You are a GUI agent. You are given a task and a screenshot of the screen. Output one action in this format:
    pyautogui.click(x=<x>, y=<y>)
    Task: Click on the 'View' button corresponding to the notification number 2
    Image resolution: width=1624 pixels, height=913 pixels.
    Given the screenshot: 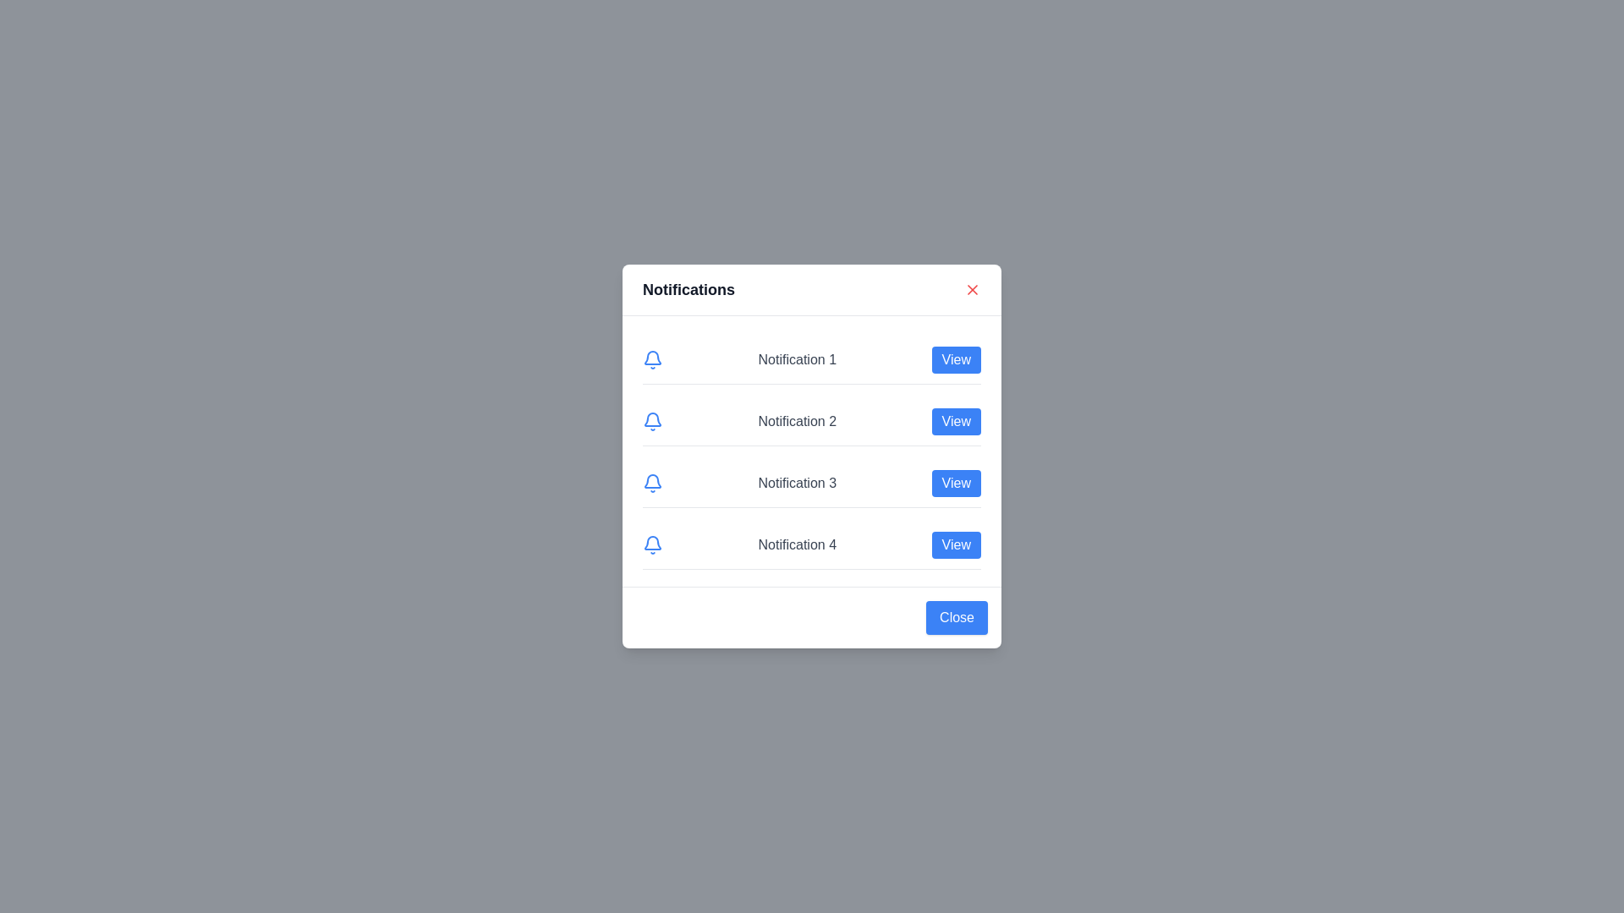 What is the action you would take?
    pyautogui.click(x=955, y=420)
    